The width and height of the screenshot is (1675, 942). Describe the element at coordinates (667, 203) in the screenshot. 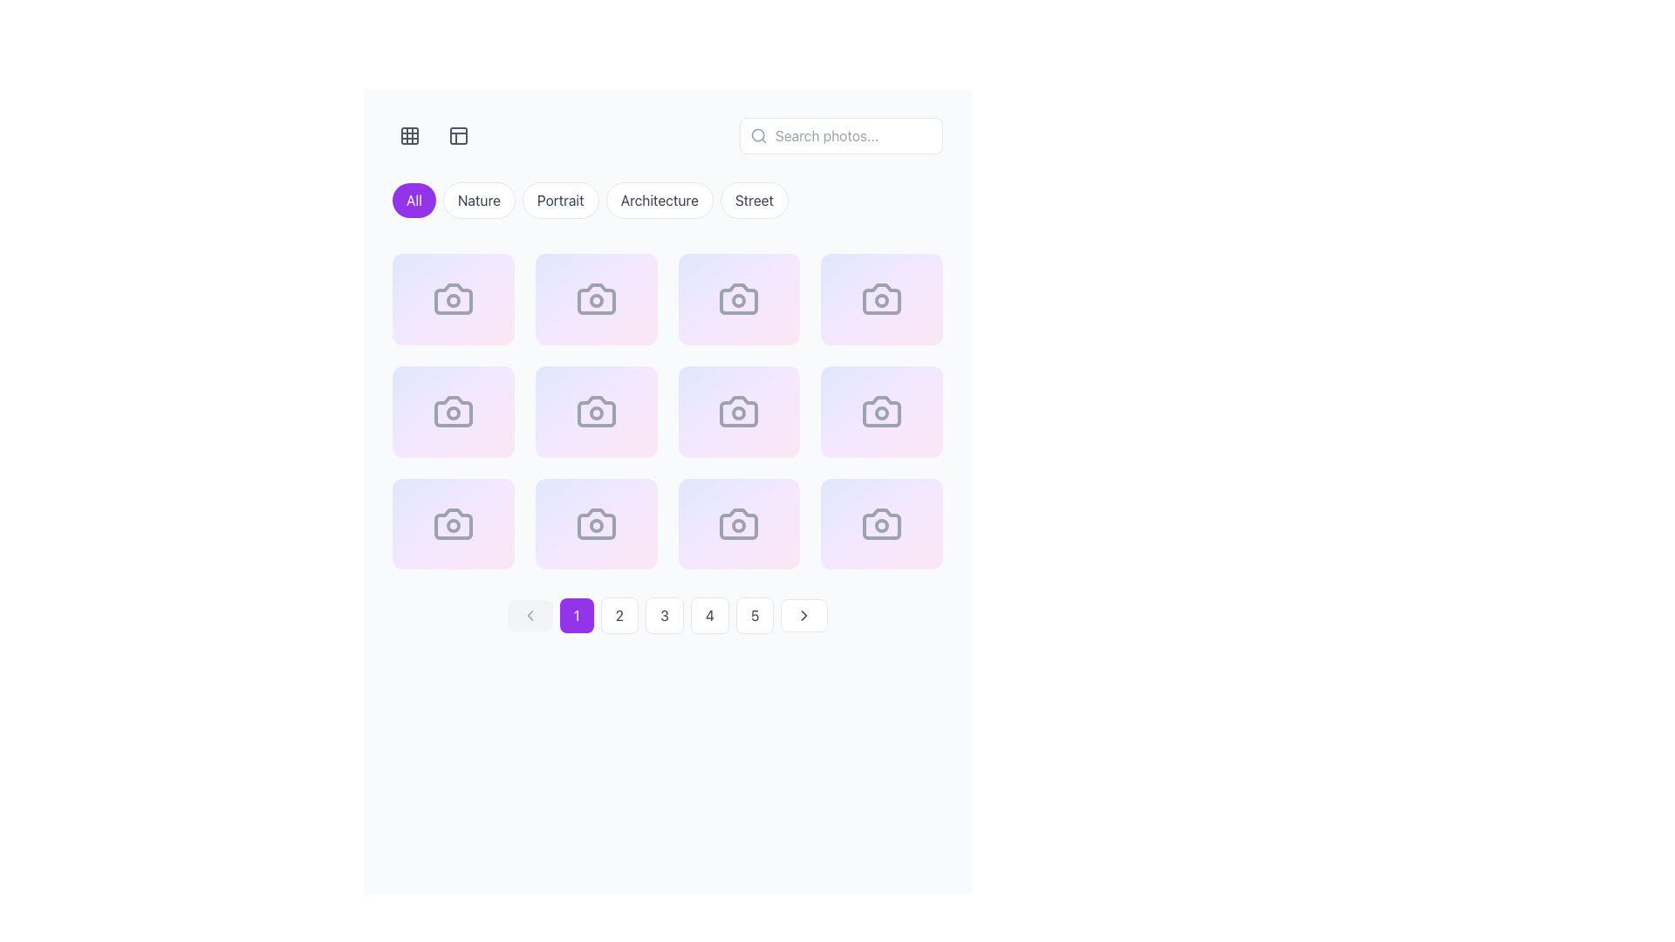

I see `the 'Architecture' filter button, which is the fourth button in a horizontal group of category buttons, to apply the filter` at that location.